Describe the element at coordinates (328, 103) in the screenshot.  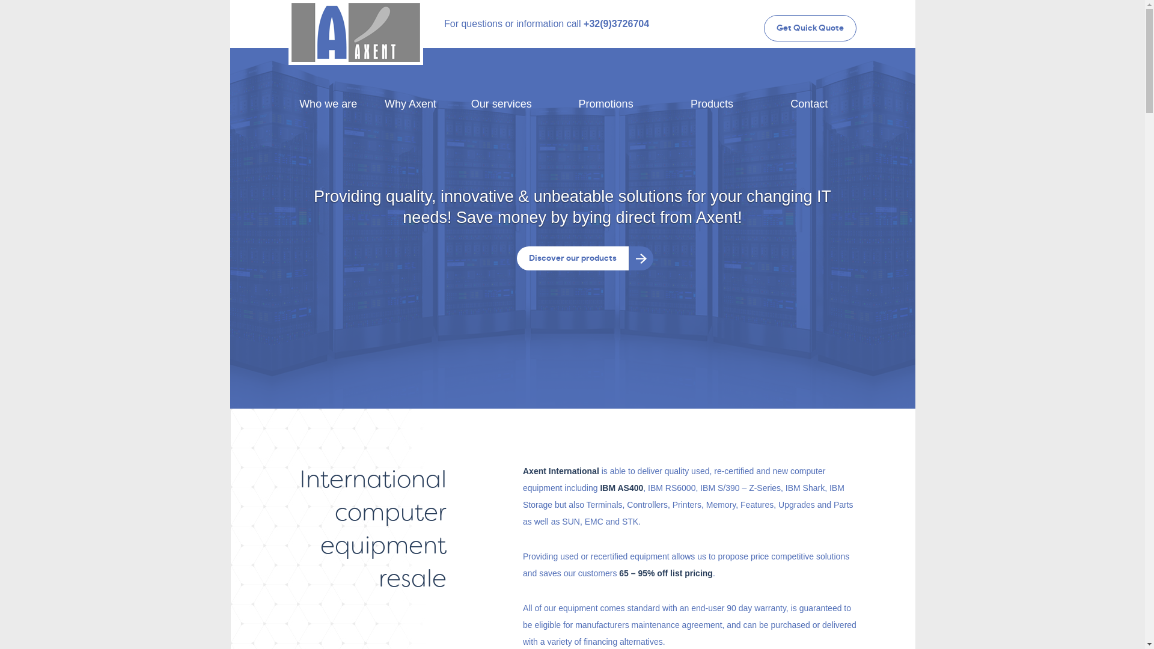
I see `'Who we are'` at that location.